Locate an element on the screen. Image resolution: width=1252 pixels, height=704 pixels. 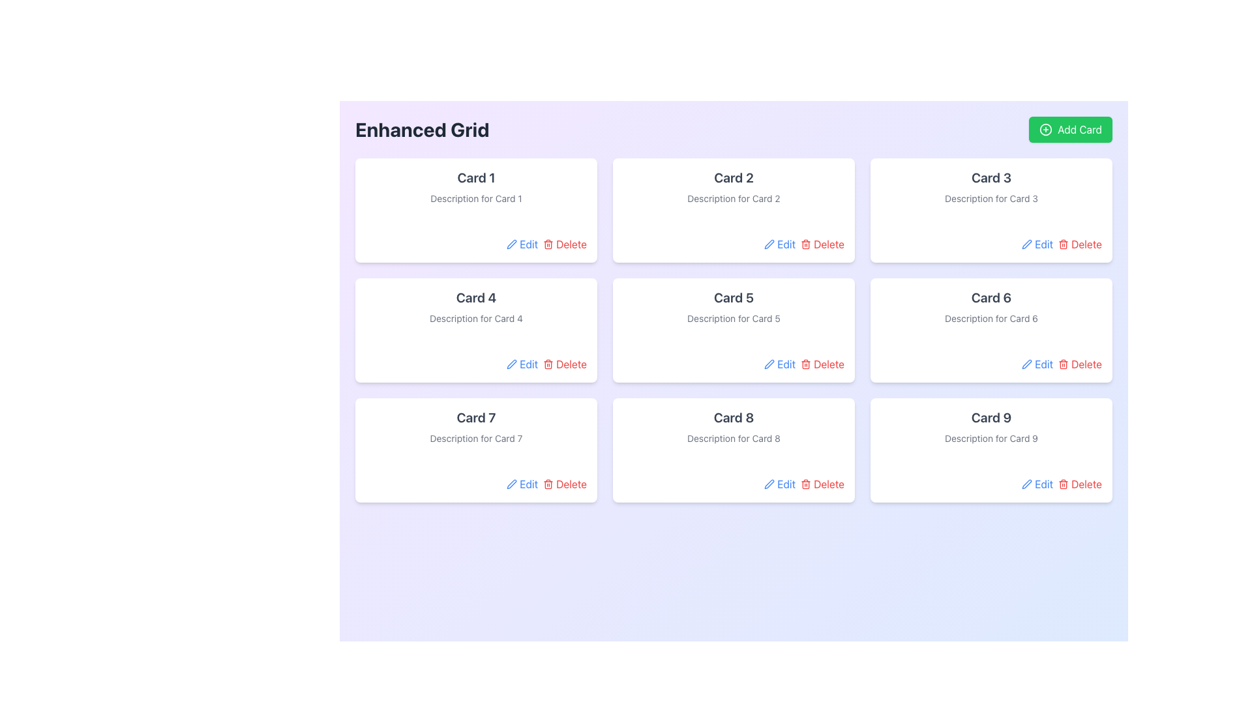
title text of 'Card 7', which is located in the first column of the third row in the grid layout, positioned above its descriptive text is located at coordinates (475, 417).